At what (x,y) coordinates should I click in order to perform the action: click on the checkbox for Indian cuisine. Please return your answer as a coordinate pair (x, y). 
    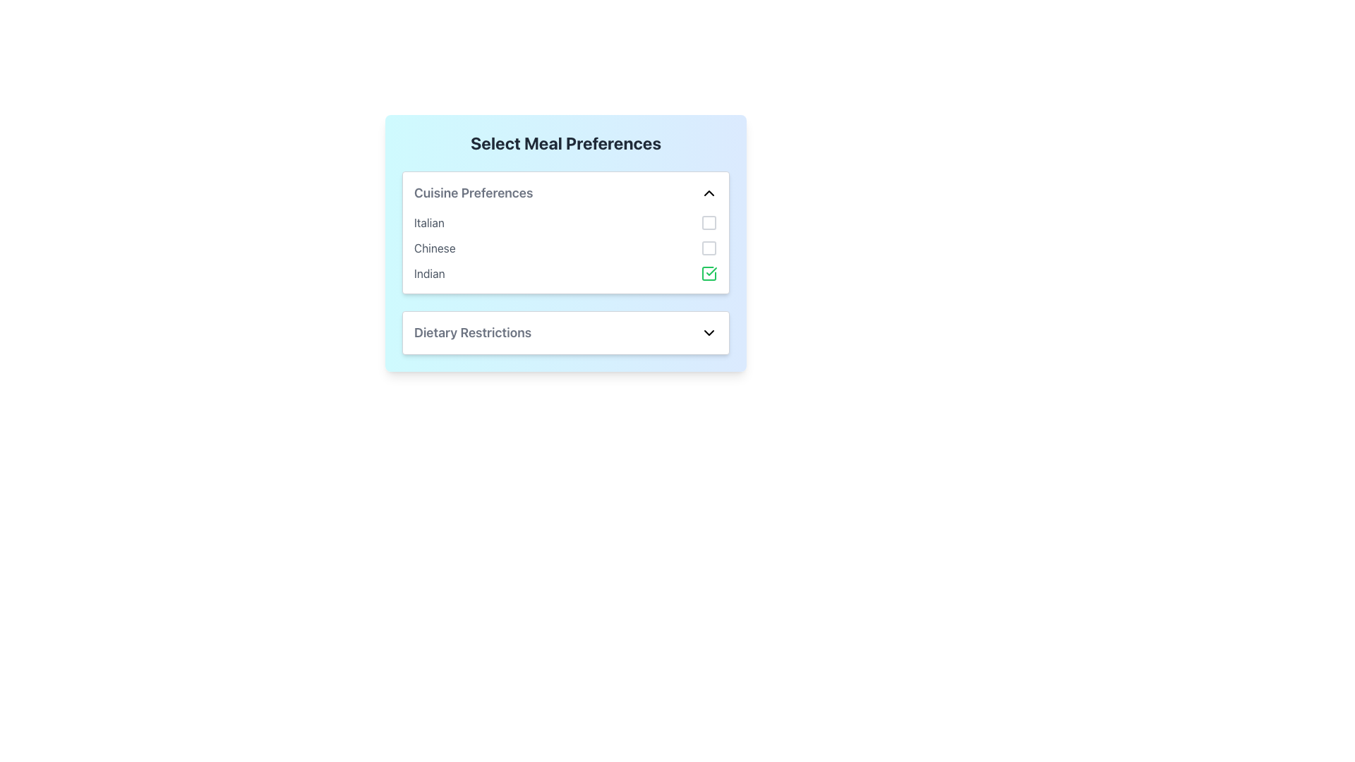
    Looking at the image, I should click on (565, 274).